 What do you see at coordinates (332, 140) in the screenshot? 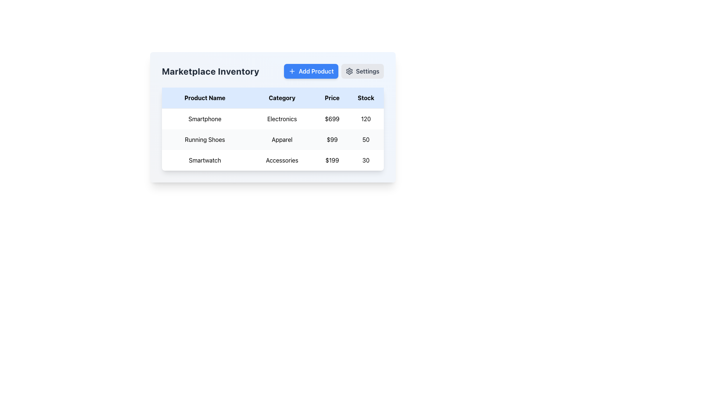
I see `text displayed as "$99" in a bold, black font located in the Price column of the table under the row titled "Running Shoes"` at bounding box center [332, 140].